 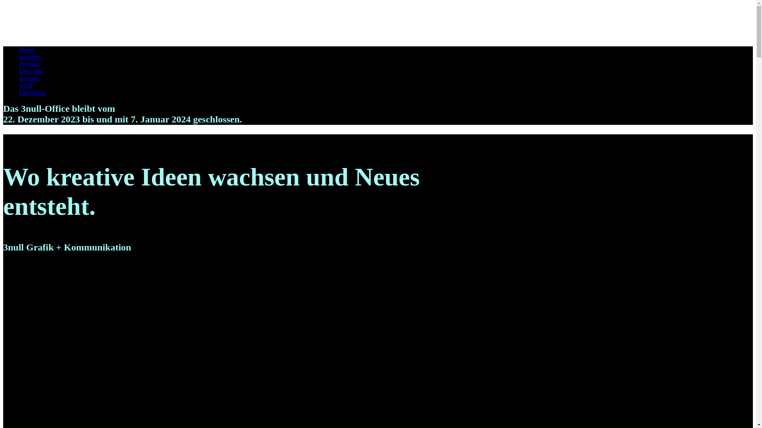 I want to click on 'Kontakt', so click(x=29, y=78).